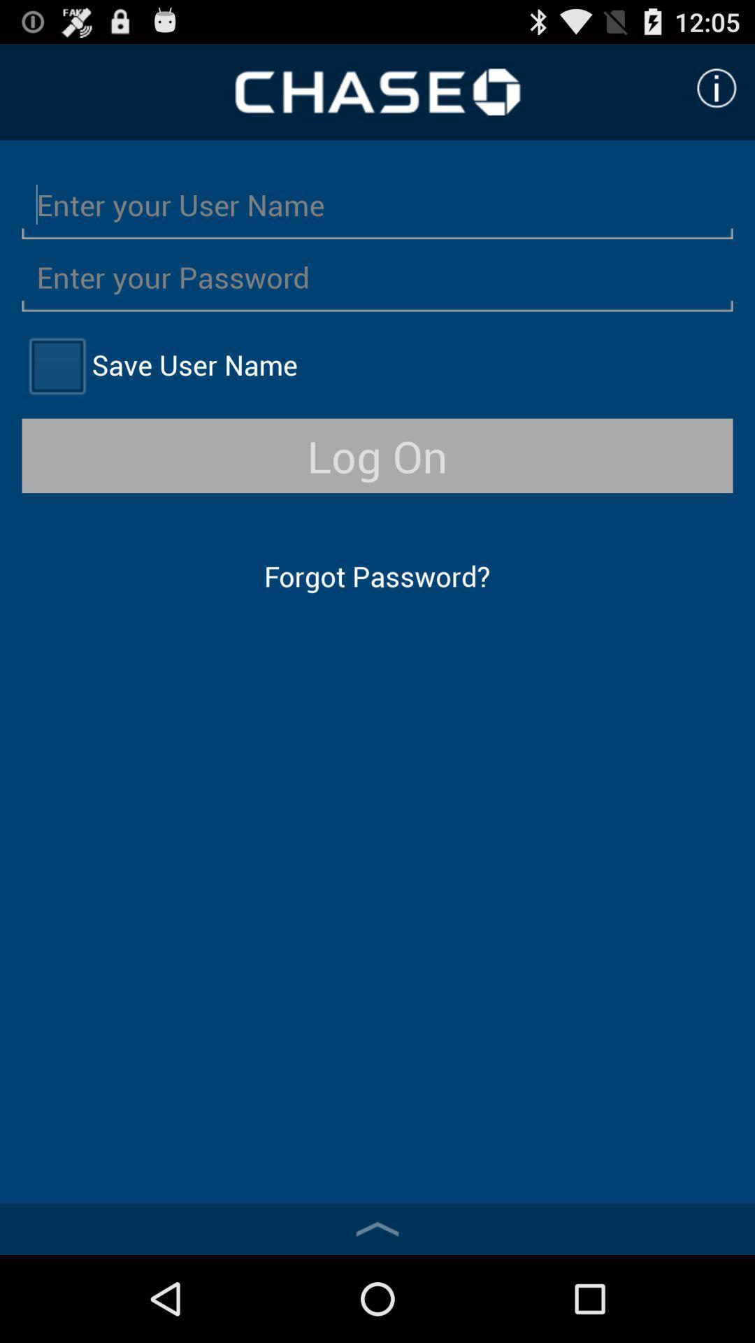 Image resolution: width=755 pixels, height=1343 pixels. Describe the element at coordinates (717, 87) in the screenshot. I see `click on the information symbol` at that location.